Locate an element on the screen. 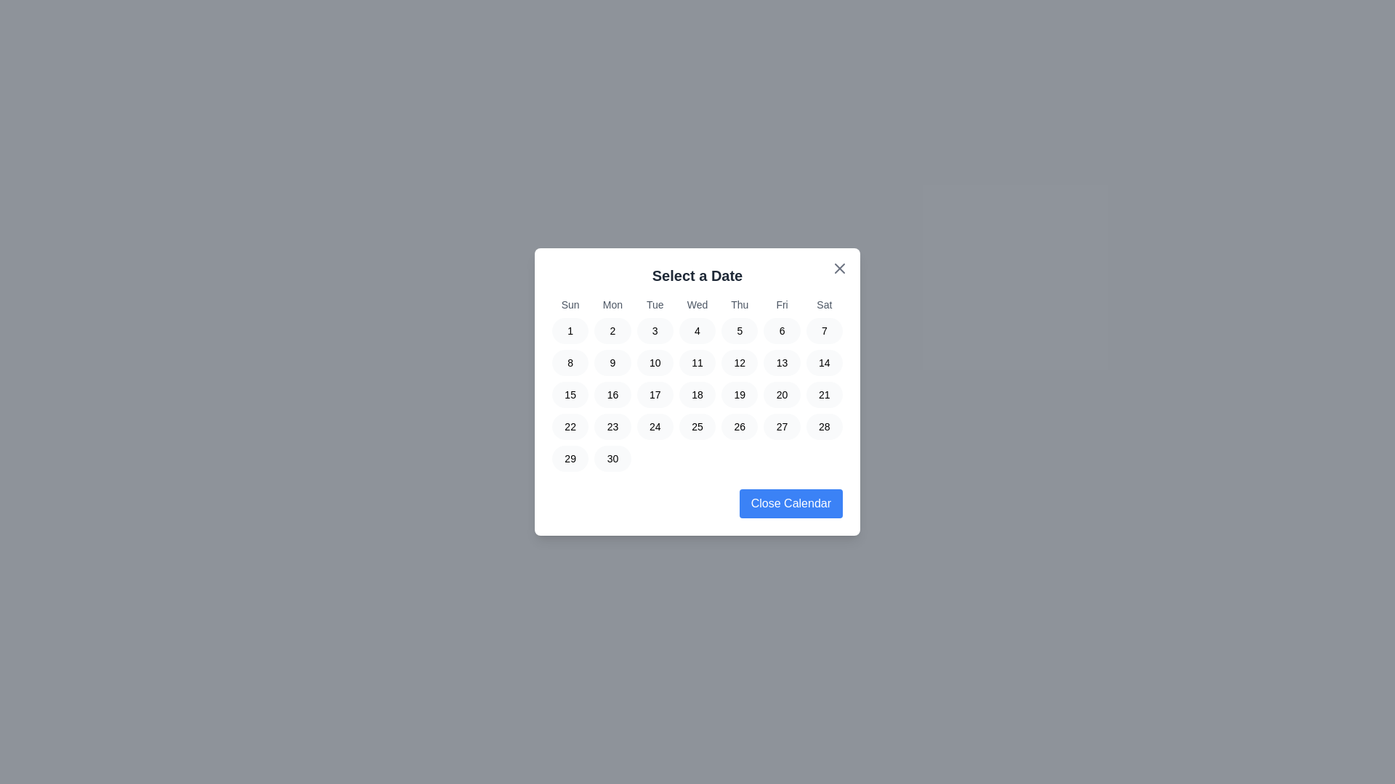 The height and width of the screenshot is (784, 1395). the 'X' button to close the calendar dialog is located at coordinates (840, 269).